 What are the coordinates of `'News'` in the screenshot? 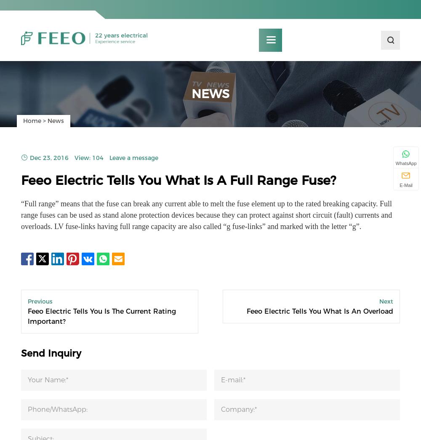 It's located at (210, 98).